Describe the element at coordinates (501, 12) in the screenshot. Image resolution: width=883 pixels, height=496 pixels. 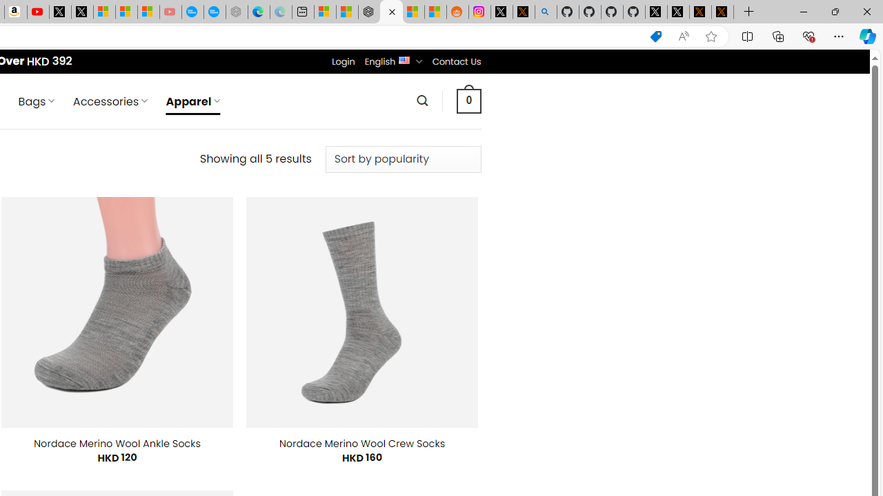
I see `'Log in to X / X'` at that location.